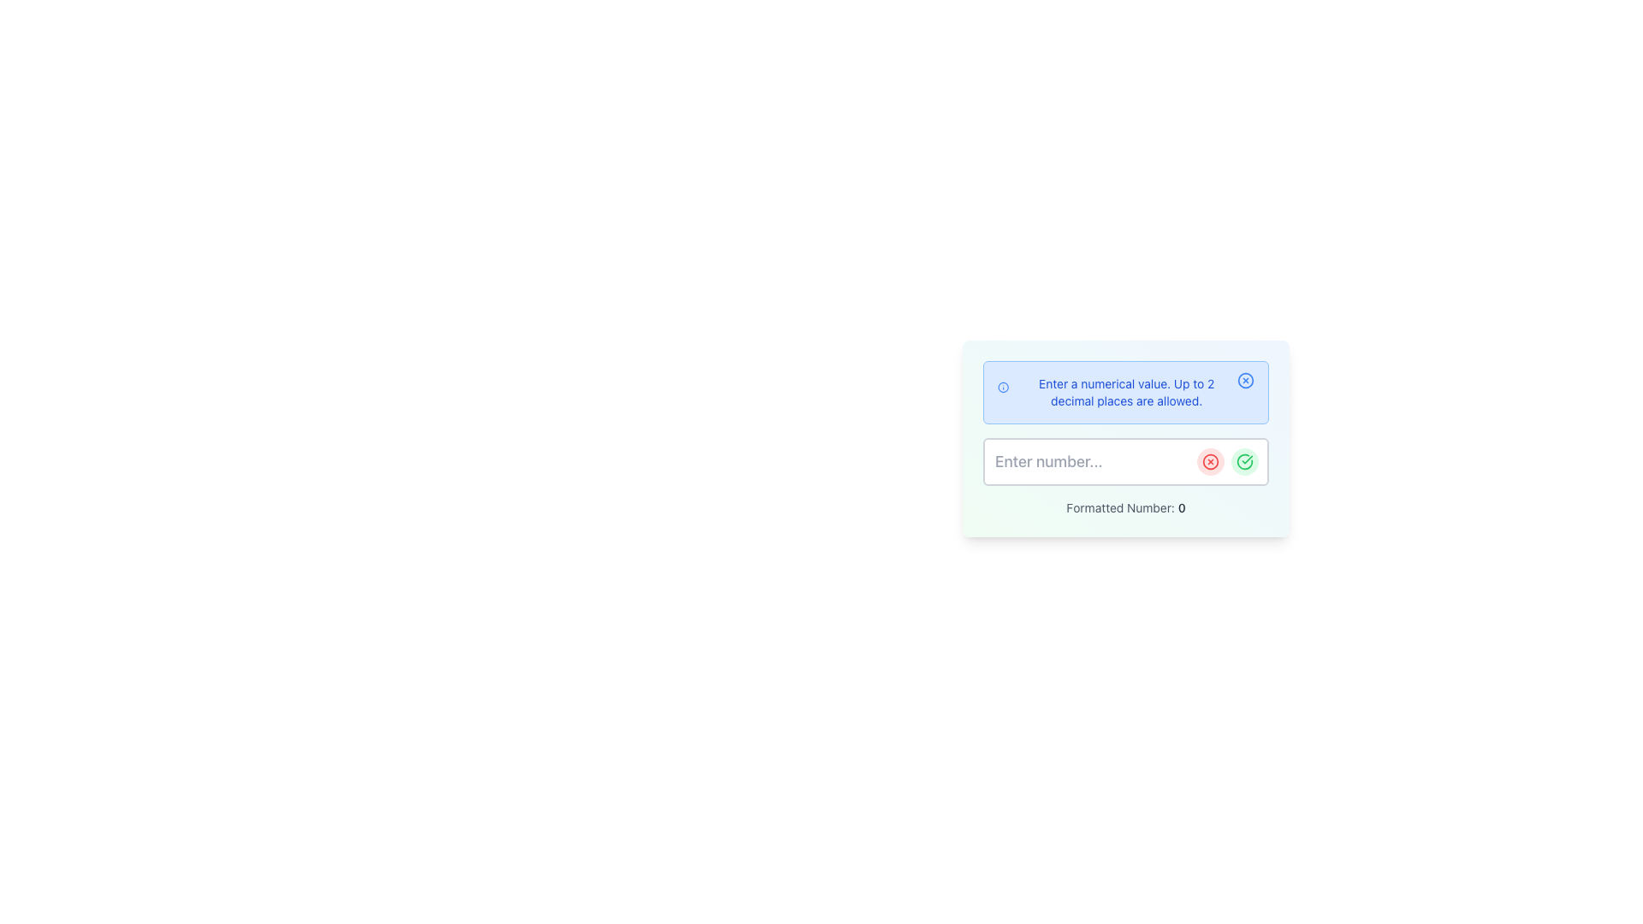  What do you see at coordinates (1244, 462) in the screenshot?
I see `the confirmation icon located to the right of the input box labeled 'Enter number...'` at bounding box center [1244, 462].